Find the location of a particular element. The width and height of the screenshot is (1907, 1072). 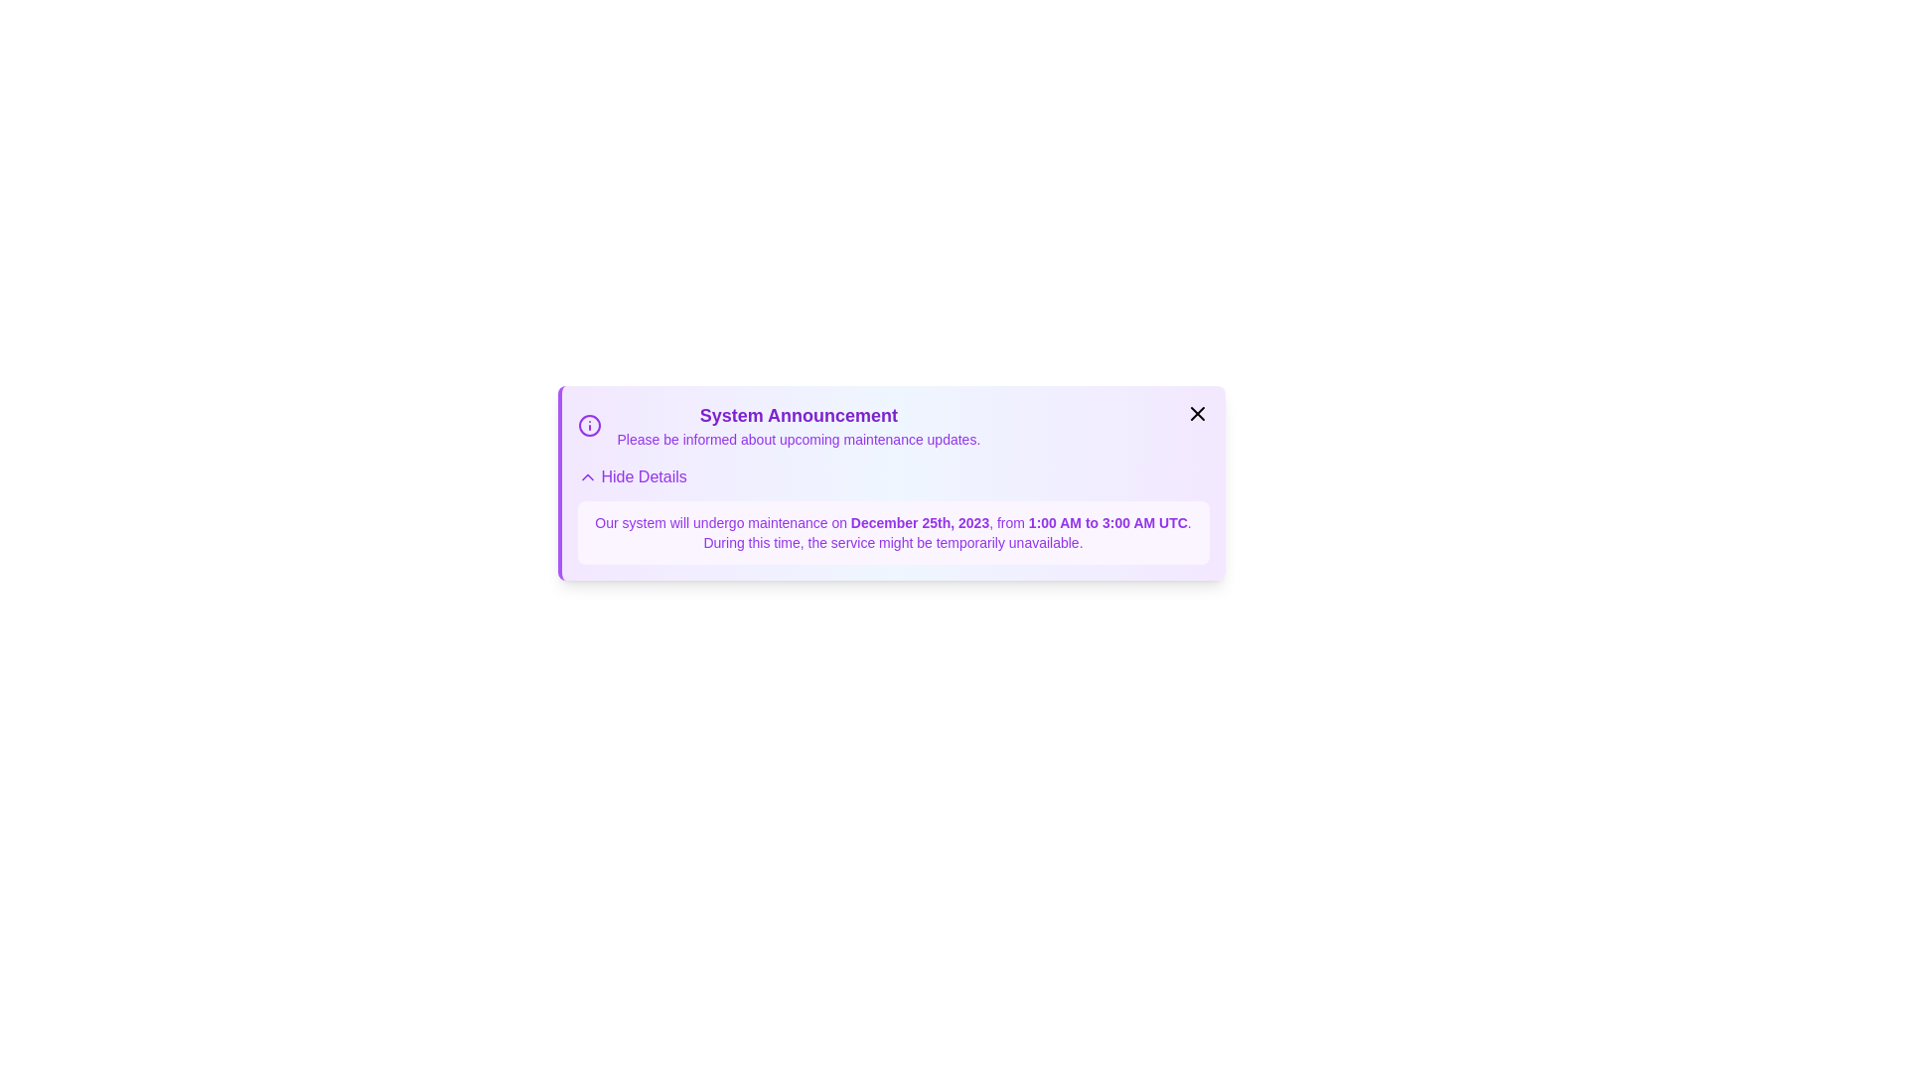

the Text label that informs users about the specific time duration for the system maintenance schedule, located under the text 'December 25th, 2023' is located at coordinates (1104, 522).